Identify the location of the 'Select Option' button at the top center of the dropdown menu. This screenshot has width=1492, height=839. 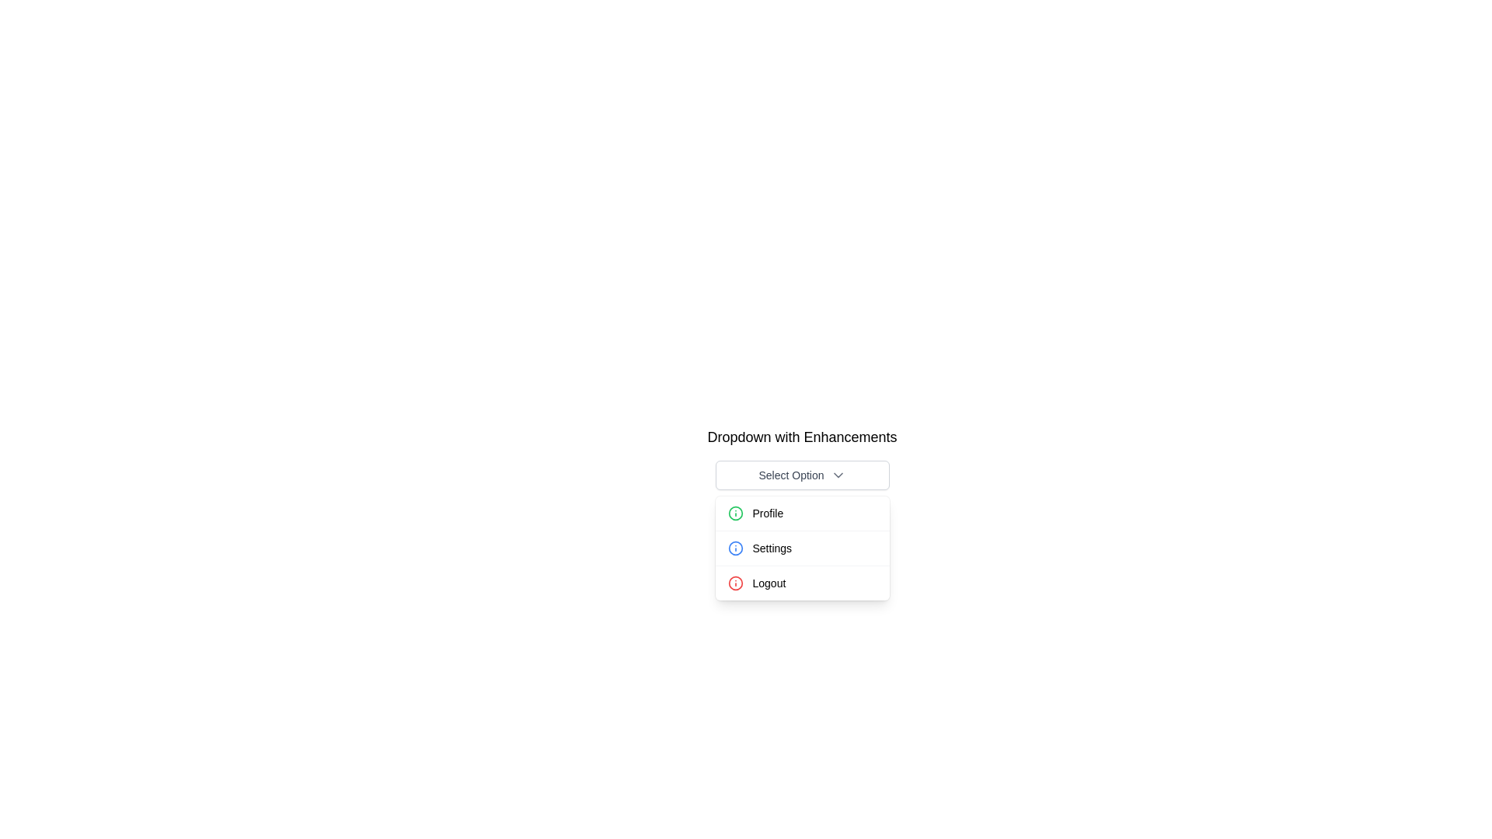
(802, 475).